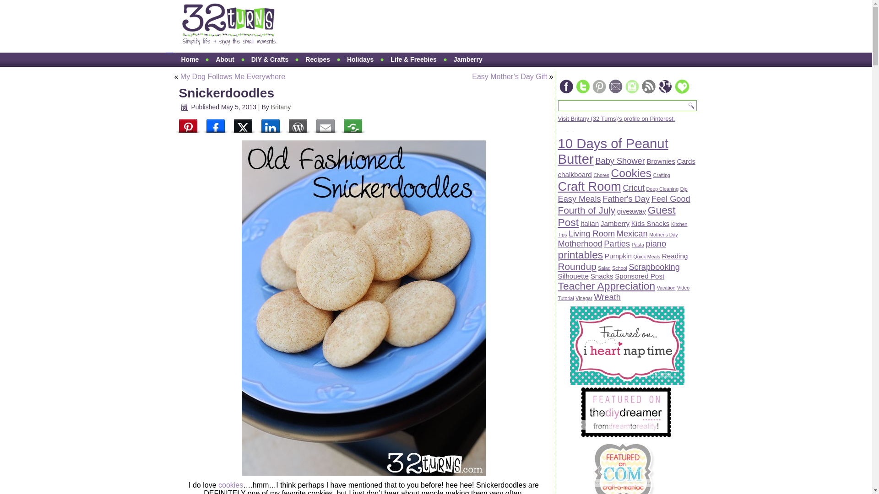 The height and width of the screenshot is (494, 879). What do you see at coordinates (557, 216) in the screenshot?
I see `'Guest Post'` at bounding box center [557, 216].